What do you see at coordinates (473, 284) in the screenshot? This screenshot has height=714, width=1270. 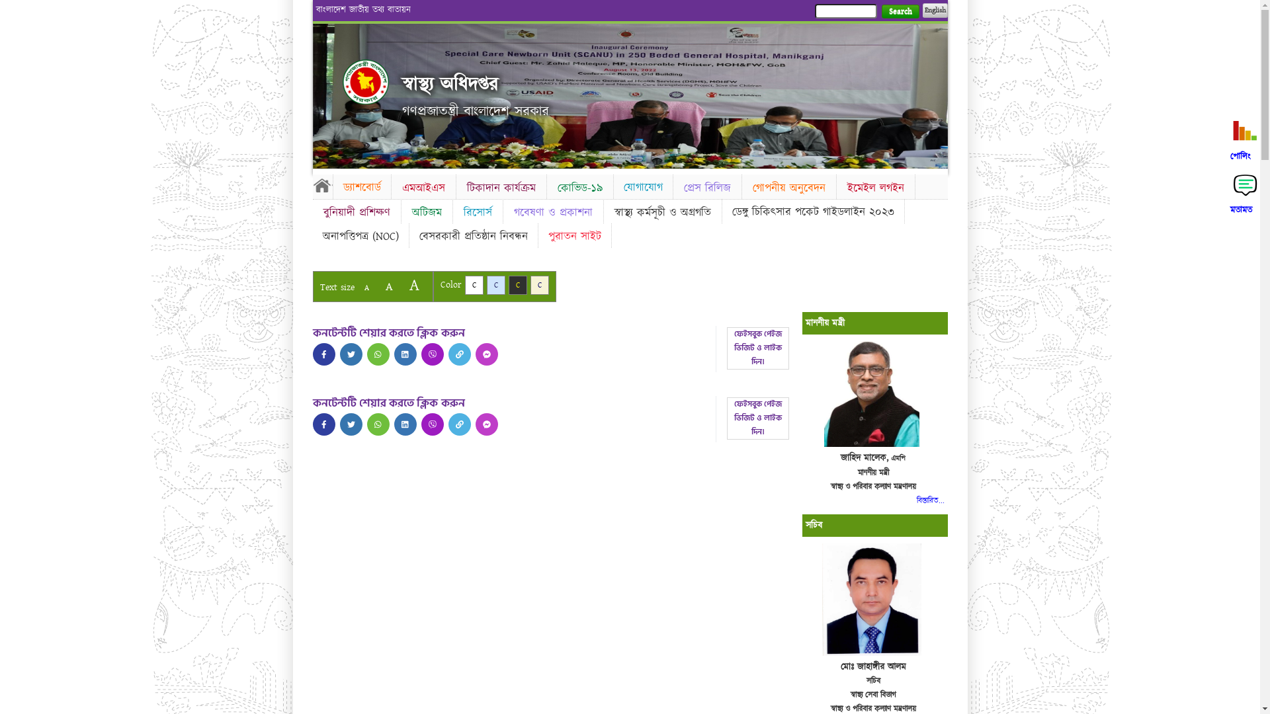 I see `'C'` at bounding box center [473, 284].